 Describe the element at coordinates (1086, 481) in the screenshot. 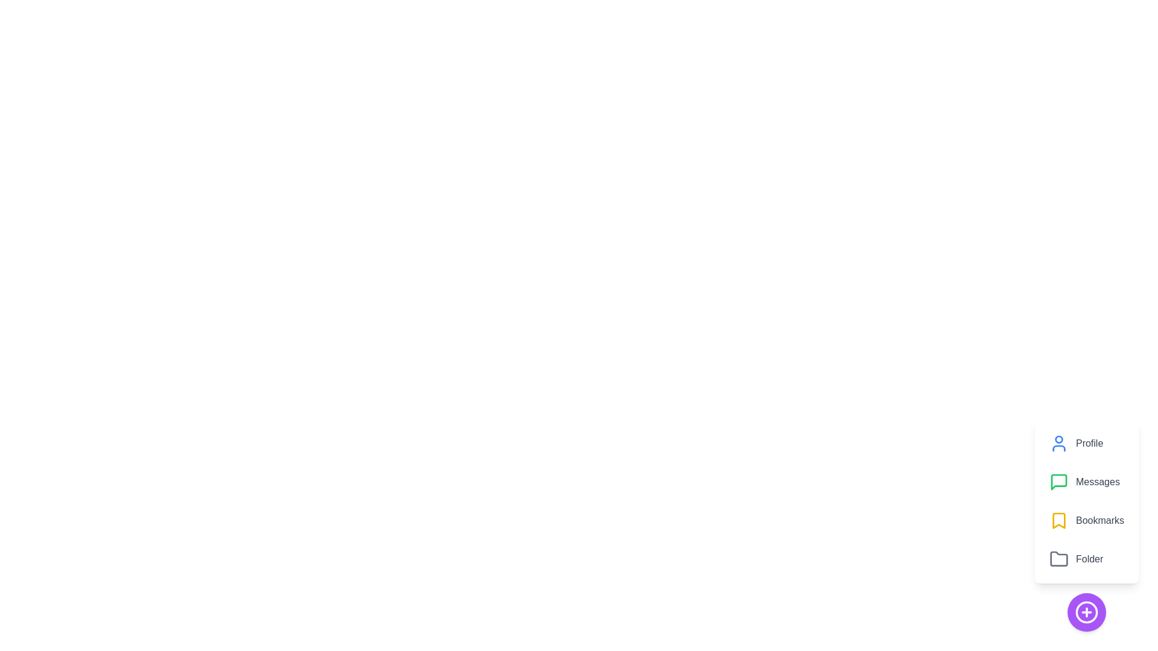

I see `the 'Messages' button in the CustomSpeedDial component` at that location.